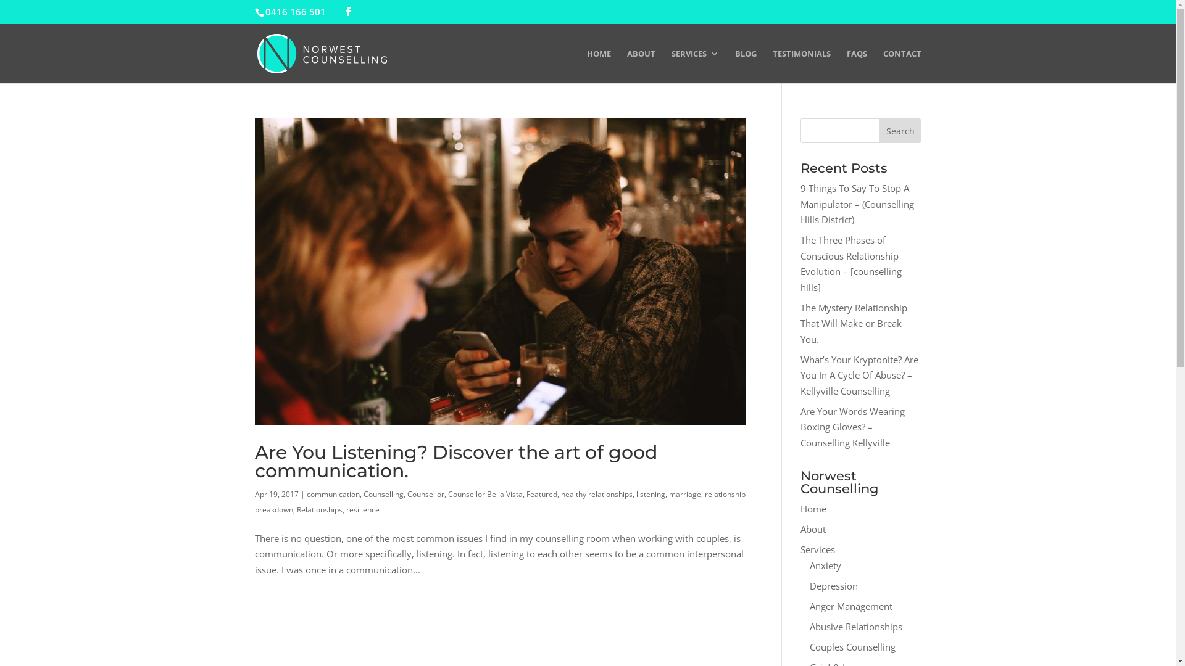  Describe the element at coordinates (813, 509) in the screenshot. I see `'Home'` at that location.